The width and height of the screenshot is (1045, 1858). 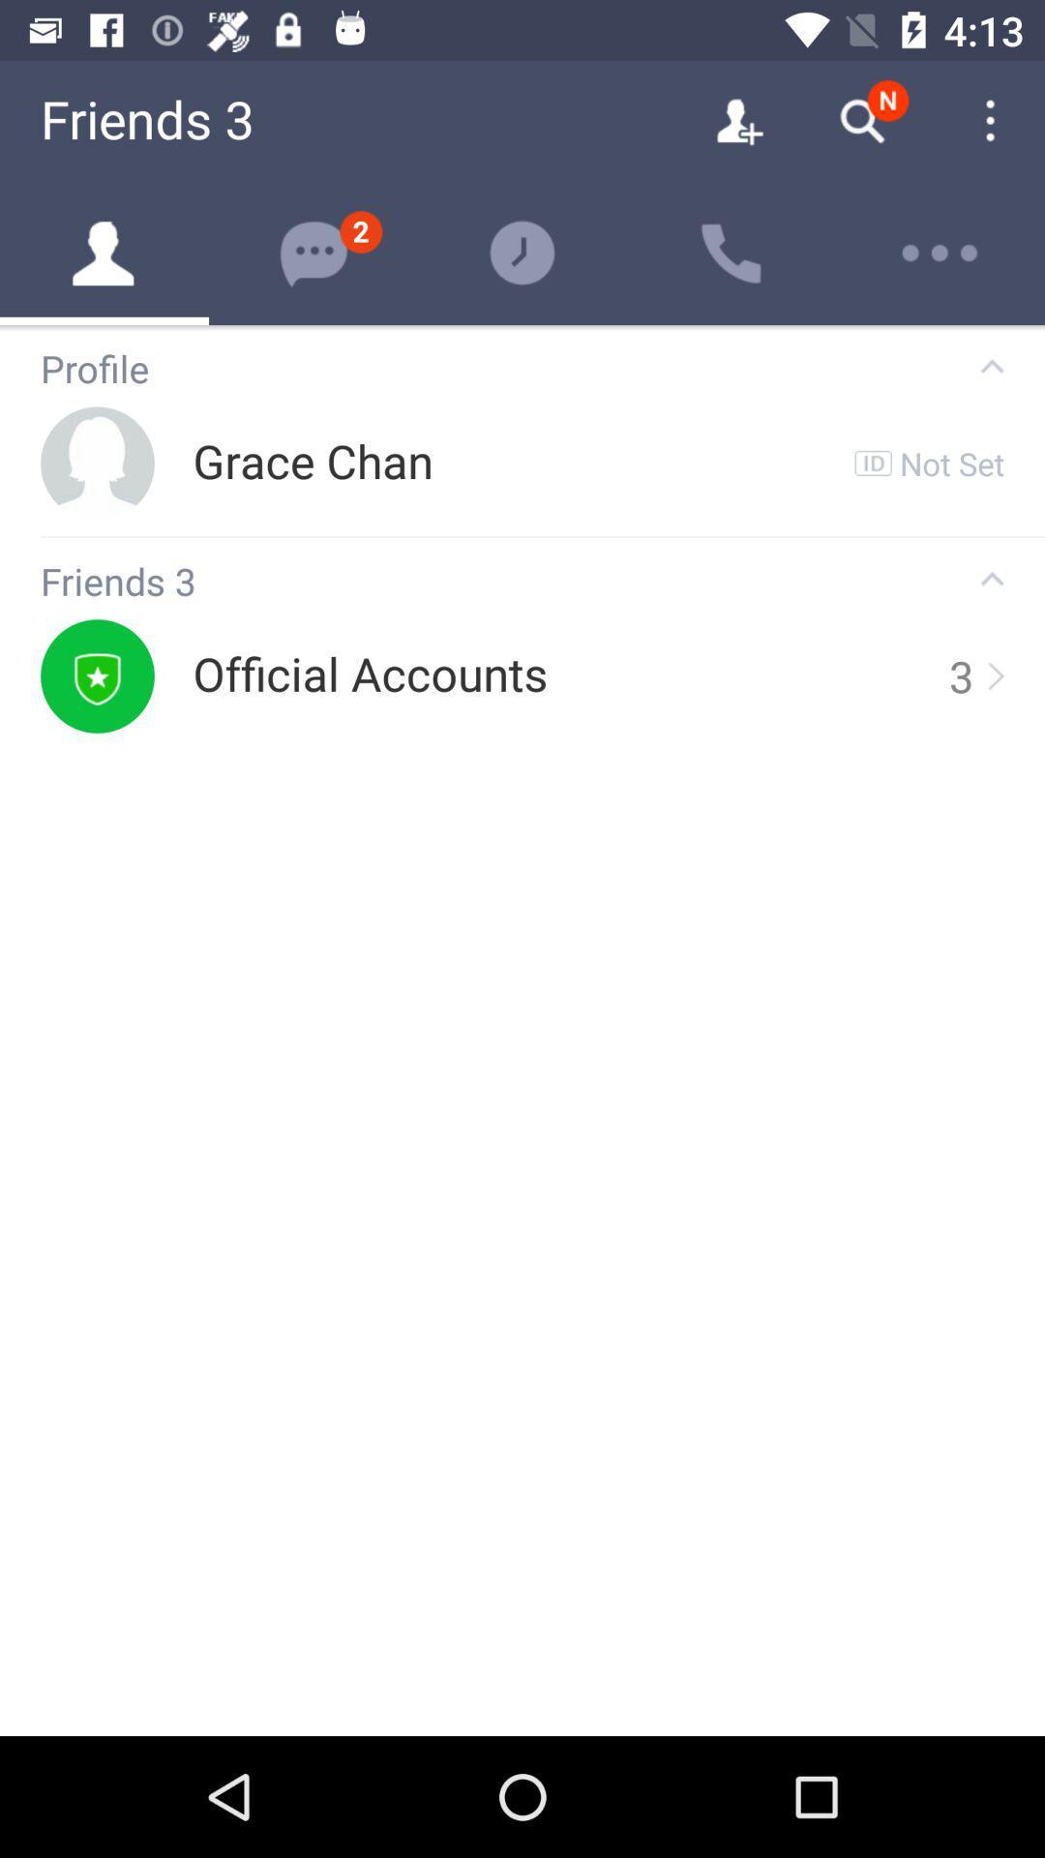 What do you see at coordinates (888, 100) in the screenshot?
I see `the letter n on the search bar icon` at bounding box center [888, 100].